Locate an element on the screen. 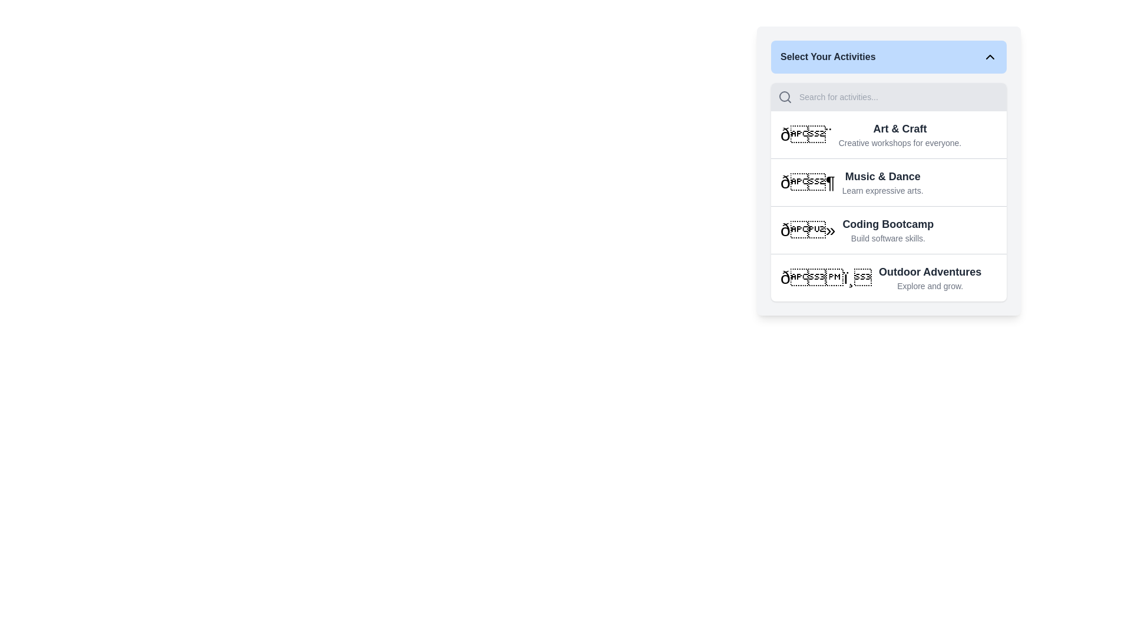  the selectable list item labeled 'Music & Dance', which is the second option in the vertical list of activities is located at coordinates (888, 170).